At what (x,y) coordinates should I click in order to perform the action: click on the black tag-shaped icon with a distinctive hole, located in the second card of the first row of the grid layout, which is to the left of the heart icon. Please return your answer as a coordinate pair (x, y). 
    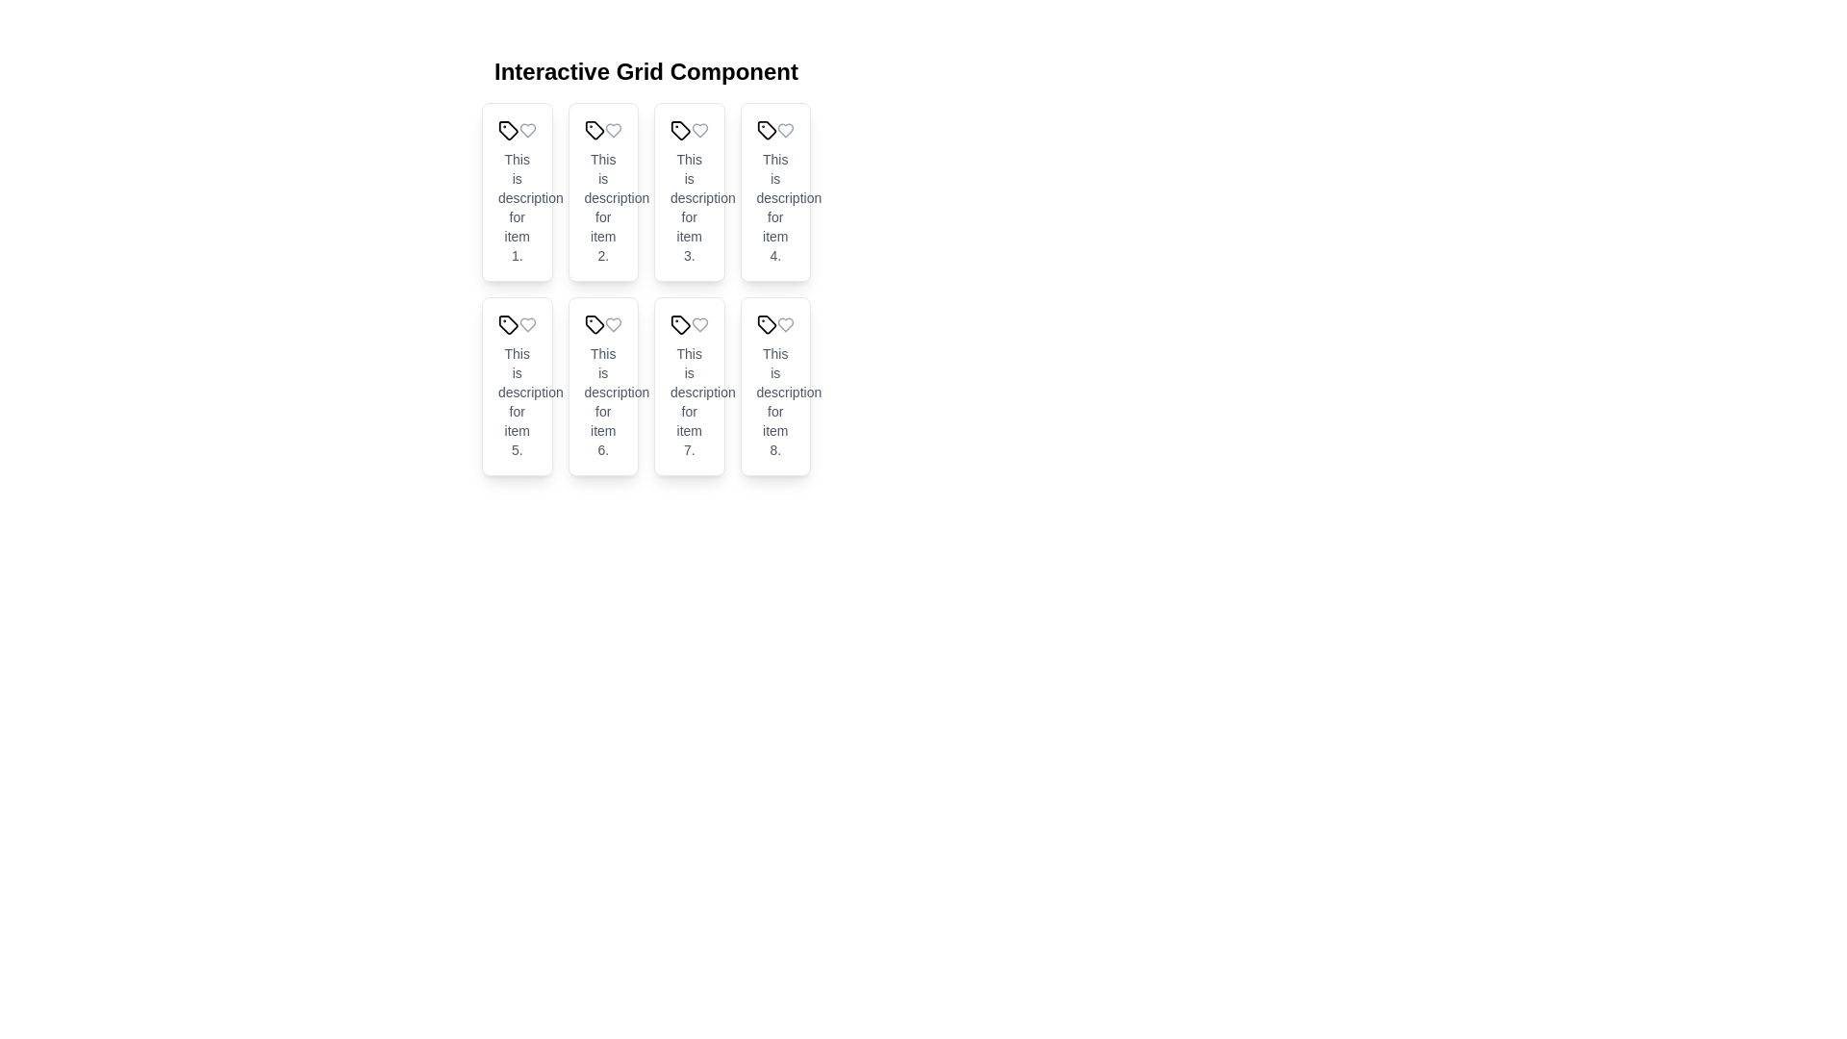
    Looking at the image, I should click on (594, 130).